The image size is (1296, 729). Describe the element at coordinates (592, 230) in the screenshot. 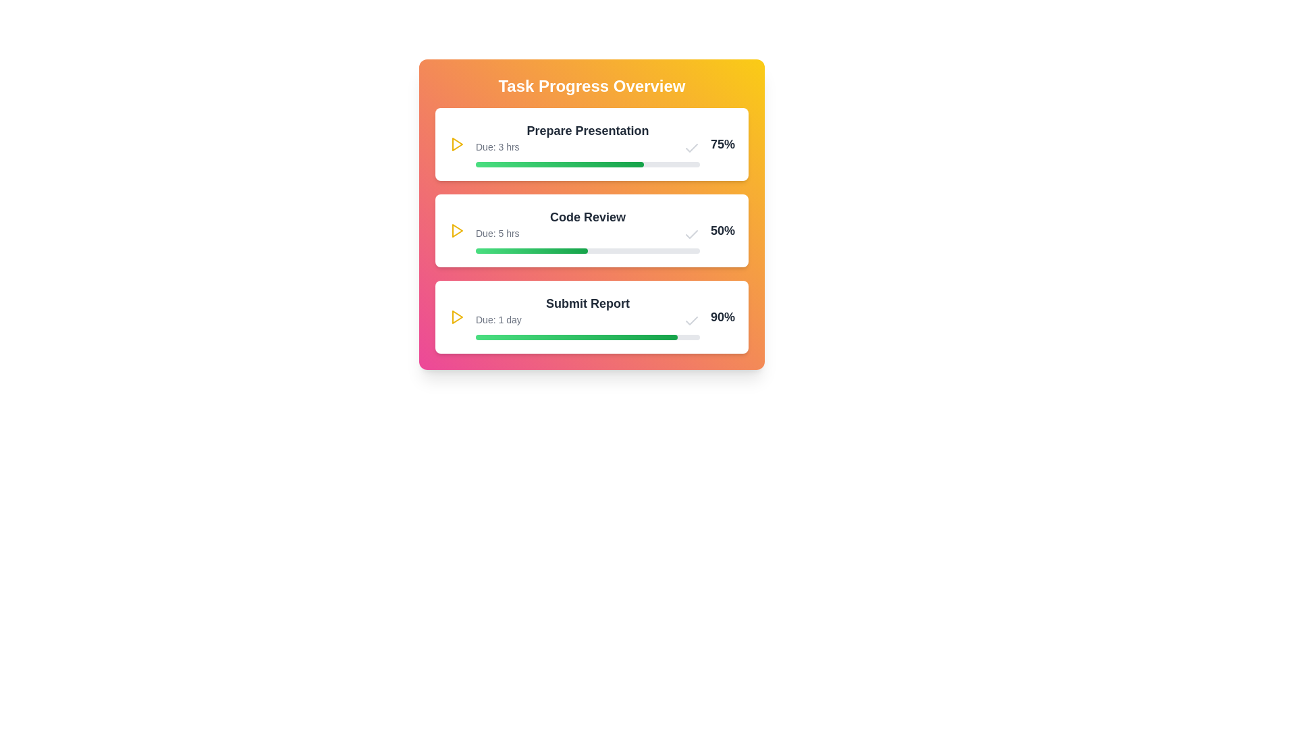

I see `task details from the second task card within the 'Task Progress Overview' section, which provides status information for the task 'Code Review.'` at that location.